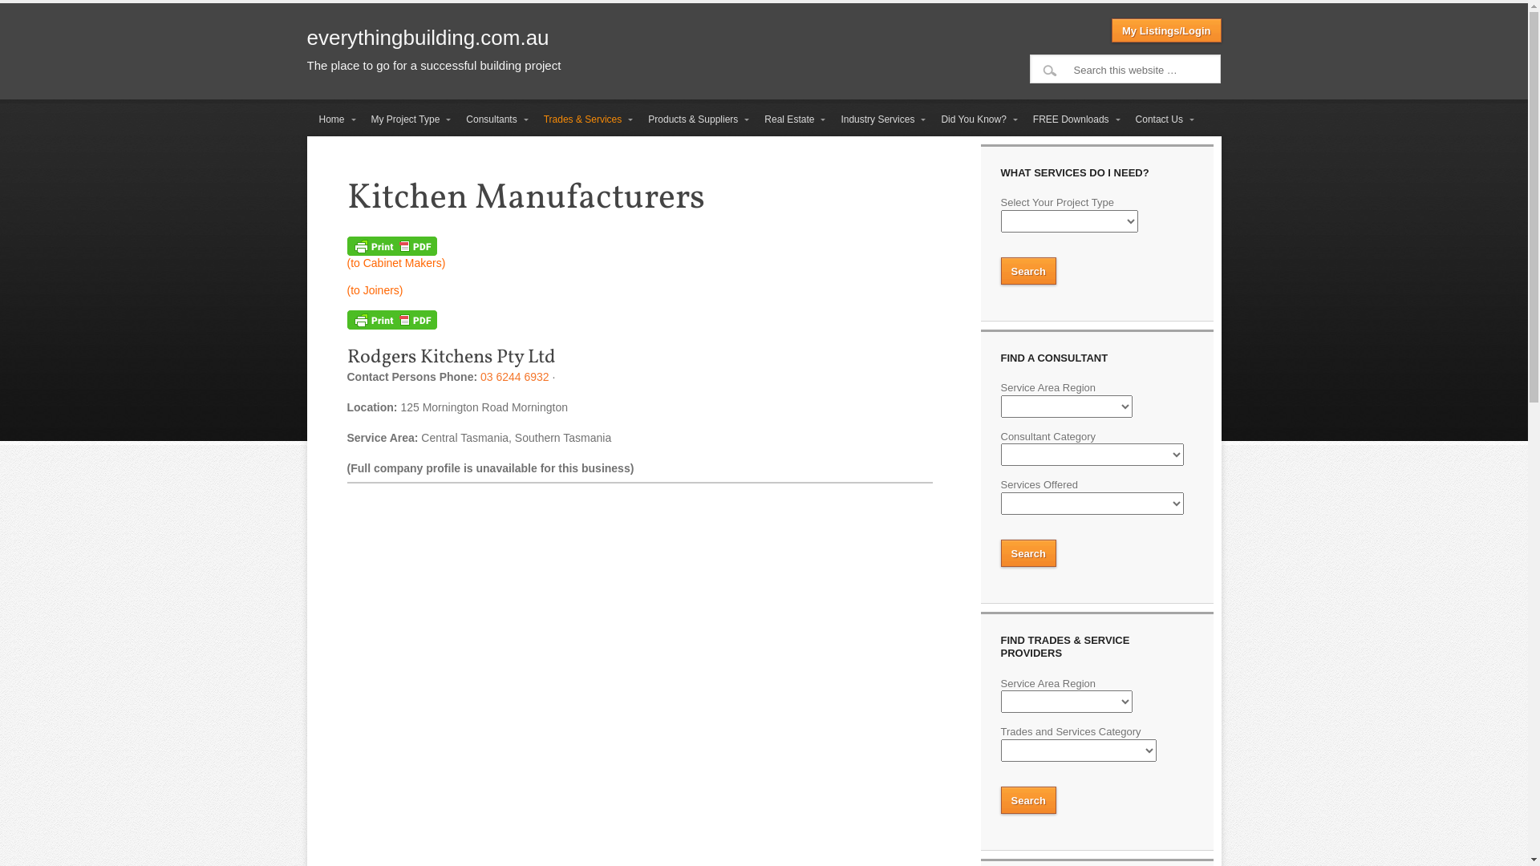  I want to click on '(to Joiners)', so click(373, 290).